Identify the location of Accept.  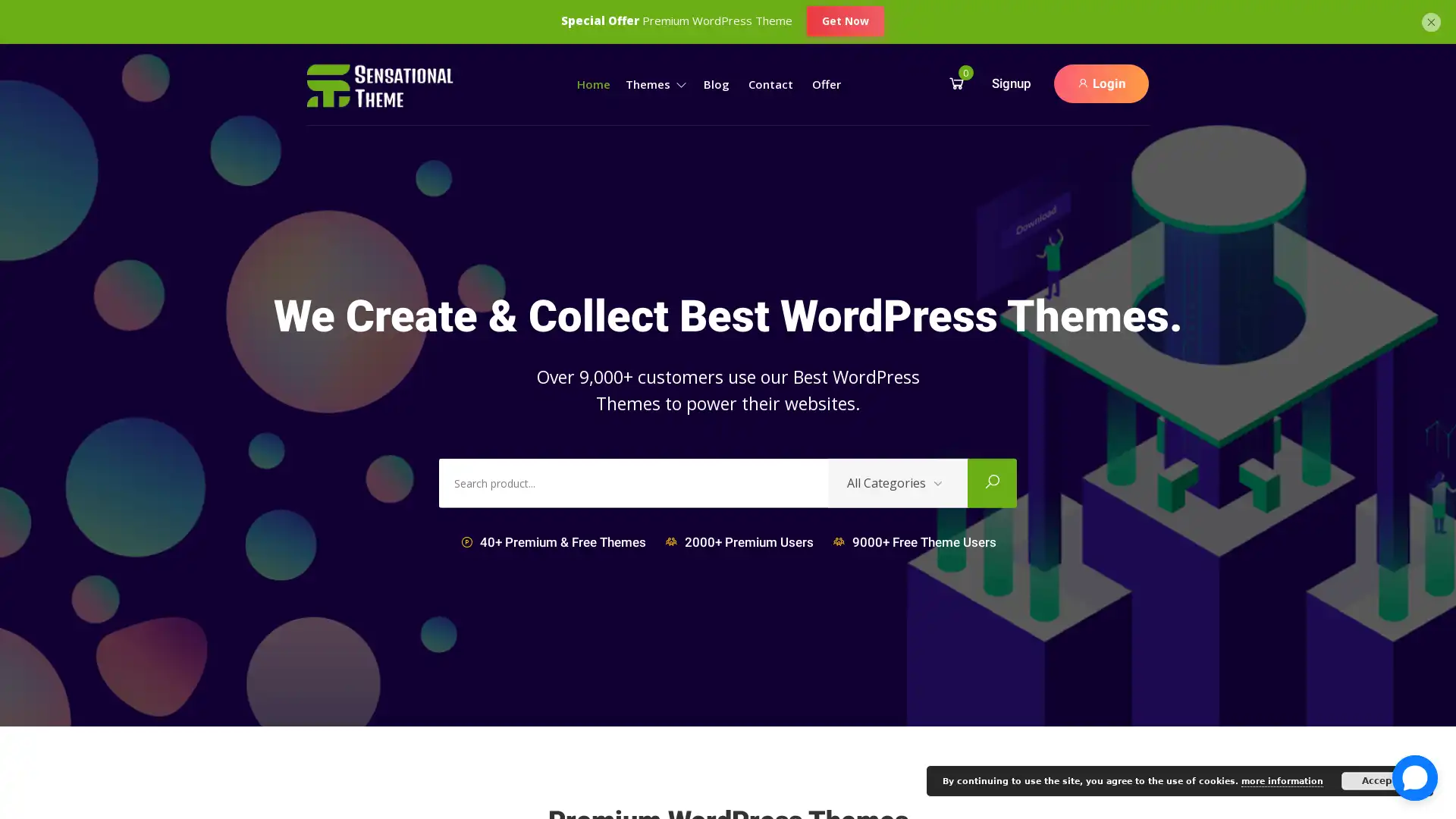
(1379, 780).